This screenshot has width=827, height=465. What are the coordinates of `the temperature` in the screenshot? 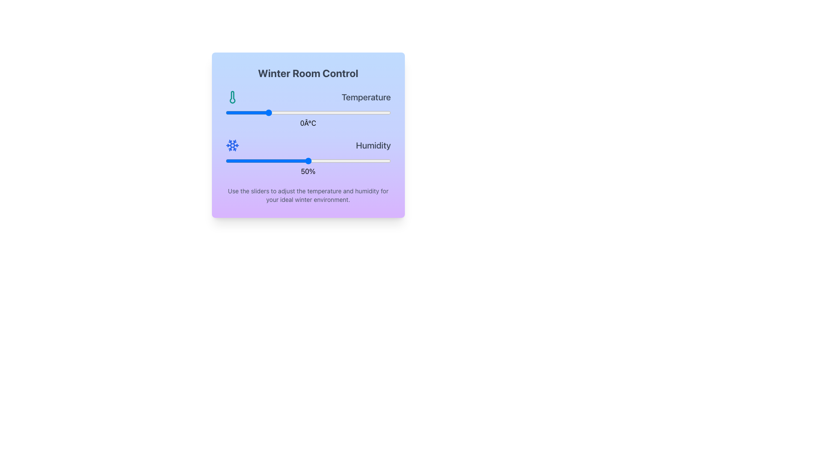 It's located at (345, 112).